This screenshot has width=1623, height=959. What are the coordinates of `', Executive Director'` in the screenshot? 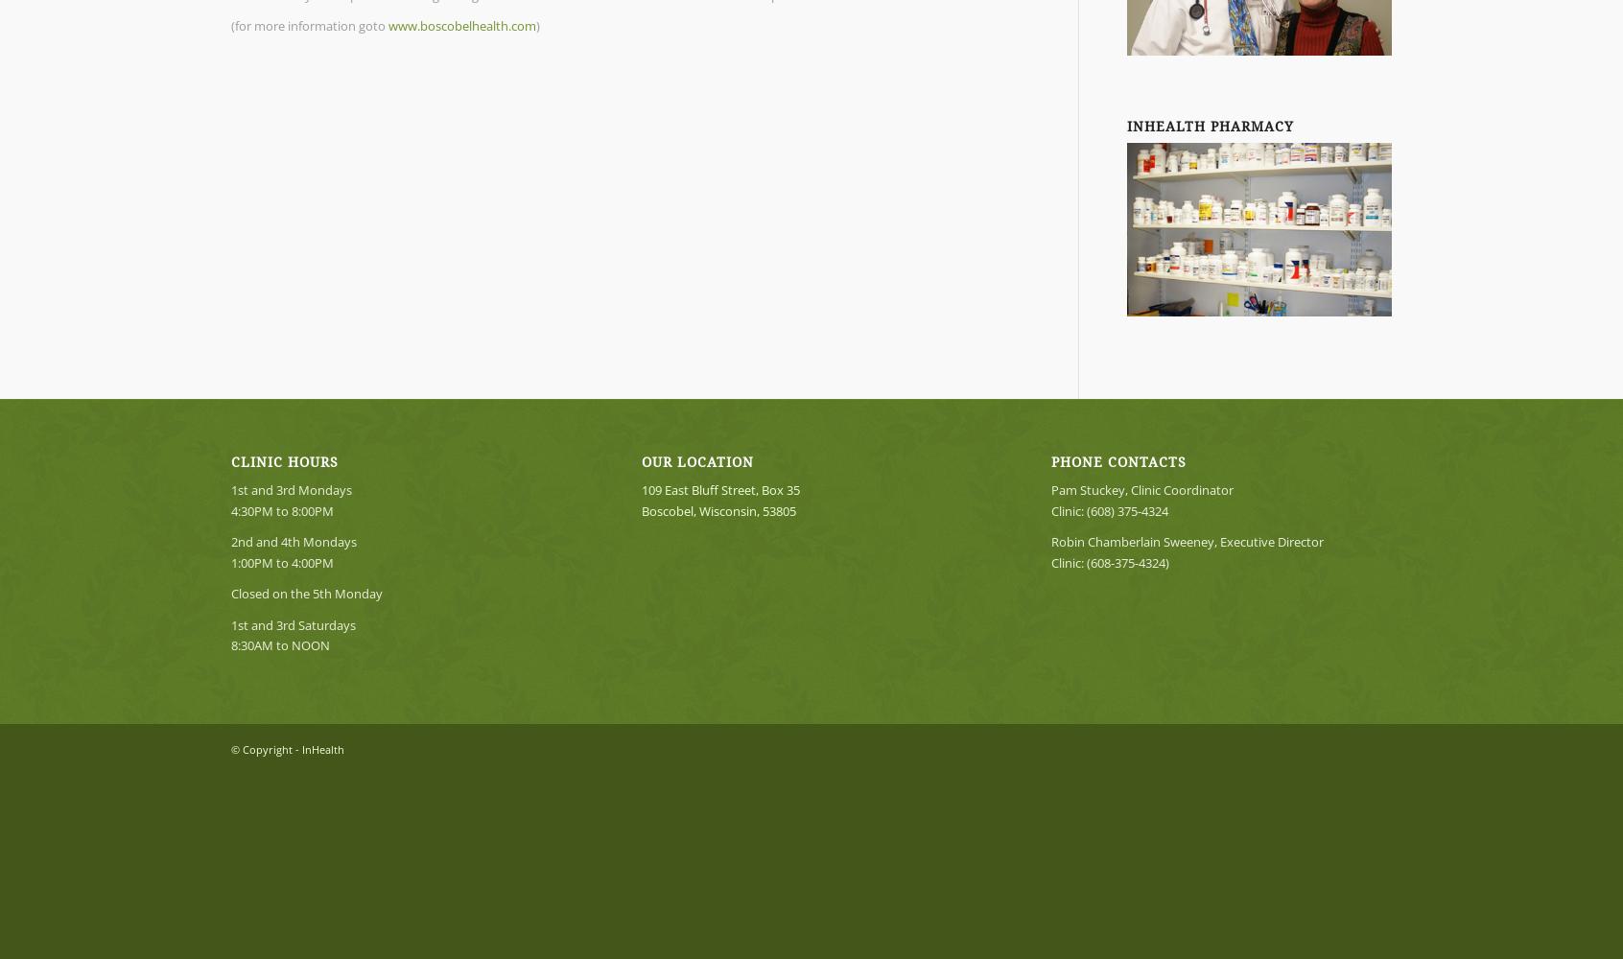 It's located at (1267, 541).